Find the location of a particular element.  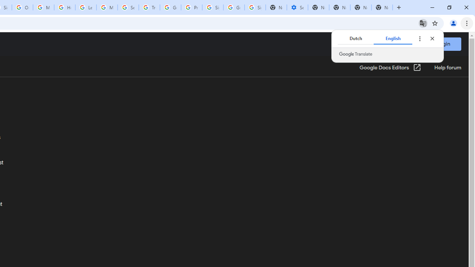

'Google Cybersecurity Innovations - Google Safety Center' is located at coordinates (233, 7).